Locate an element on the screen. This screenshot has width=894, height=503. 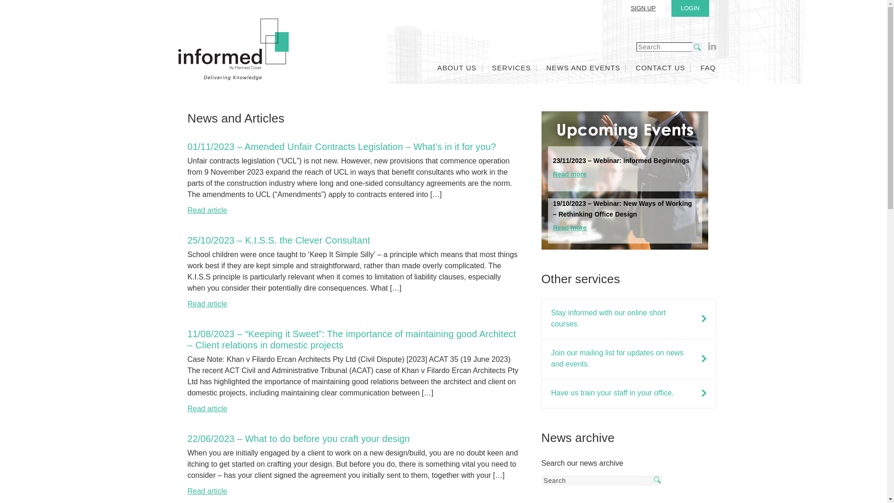
'Join our mailing list for updates on news and events.' is located at coordinates (623, 359).